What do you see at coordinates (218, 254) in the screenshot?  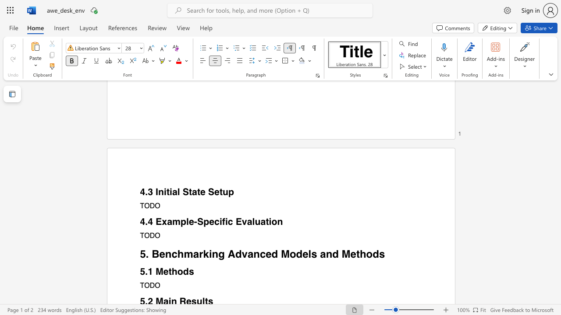 I see `the subset text "g Advanced" within the text "5. Benchmarking Advanced Models and Methods"` at bounding box center [218, 254].